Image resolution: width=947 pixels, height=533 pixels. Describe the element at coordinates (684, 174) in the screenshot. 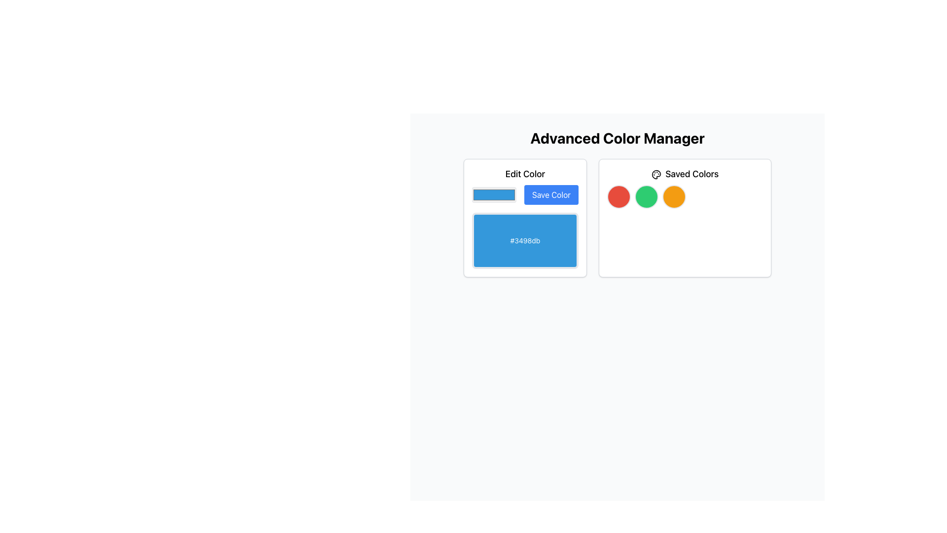

I see `the 'Saved Colors' label, which is a bold, large font text preceded by a palette icon, located in a white rectangular card under 'Advanced Color Manager'` at that location.